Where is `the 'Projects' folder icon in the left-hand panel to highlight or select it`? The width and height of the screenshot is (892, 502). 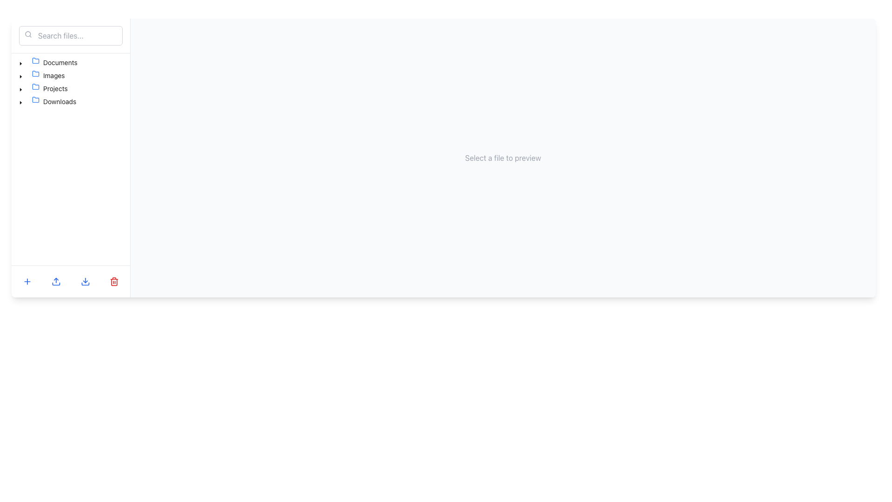 the 'Projects' folder icon in the left-hand panel to highlight or select it is located at coordinates (35, 86).